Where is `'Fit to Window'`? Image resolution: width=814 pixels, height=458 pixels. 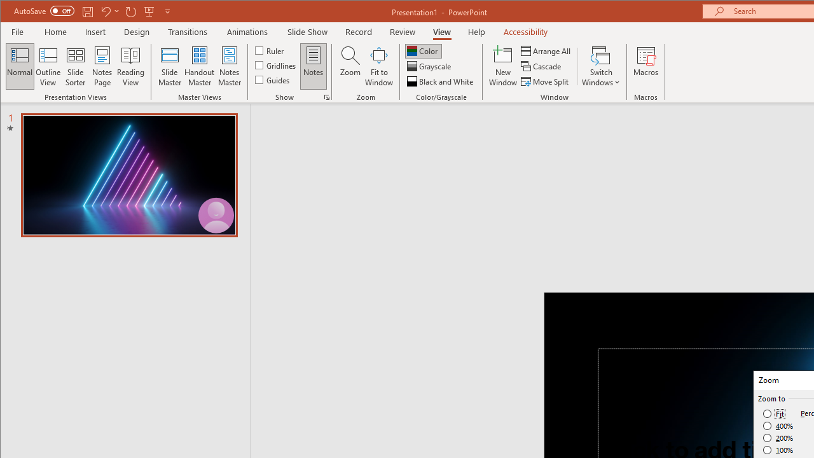
'Fit to Window' is located at coordinates (378, 66).